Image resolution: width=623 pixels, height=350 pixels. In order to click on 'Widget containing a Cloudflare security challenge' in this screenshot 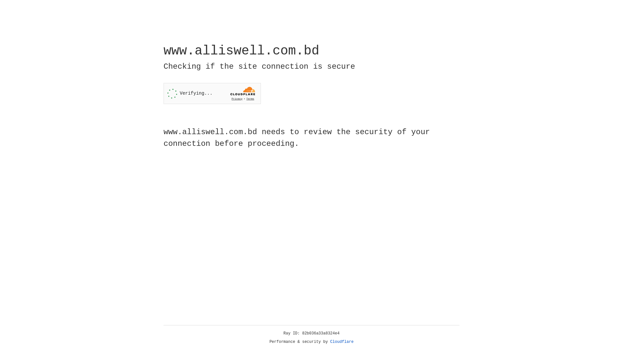, I will do `click(212, 93)`.